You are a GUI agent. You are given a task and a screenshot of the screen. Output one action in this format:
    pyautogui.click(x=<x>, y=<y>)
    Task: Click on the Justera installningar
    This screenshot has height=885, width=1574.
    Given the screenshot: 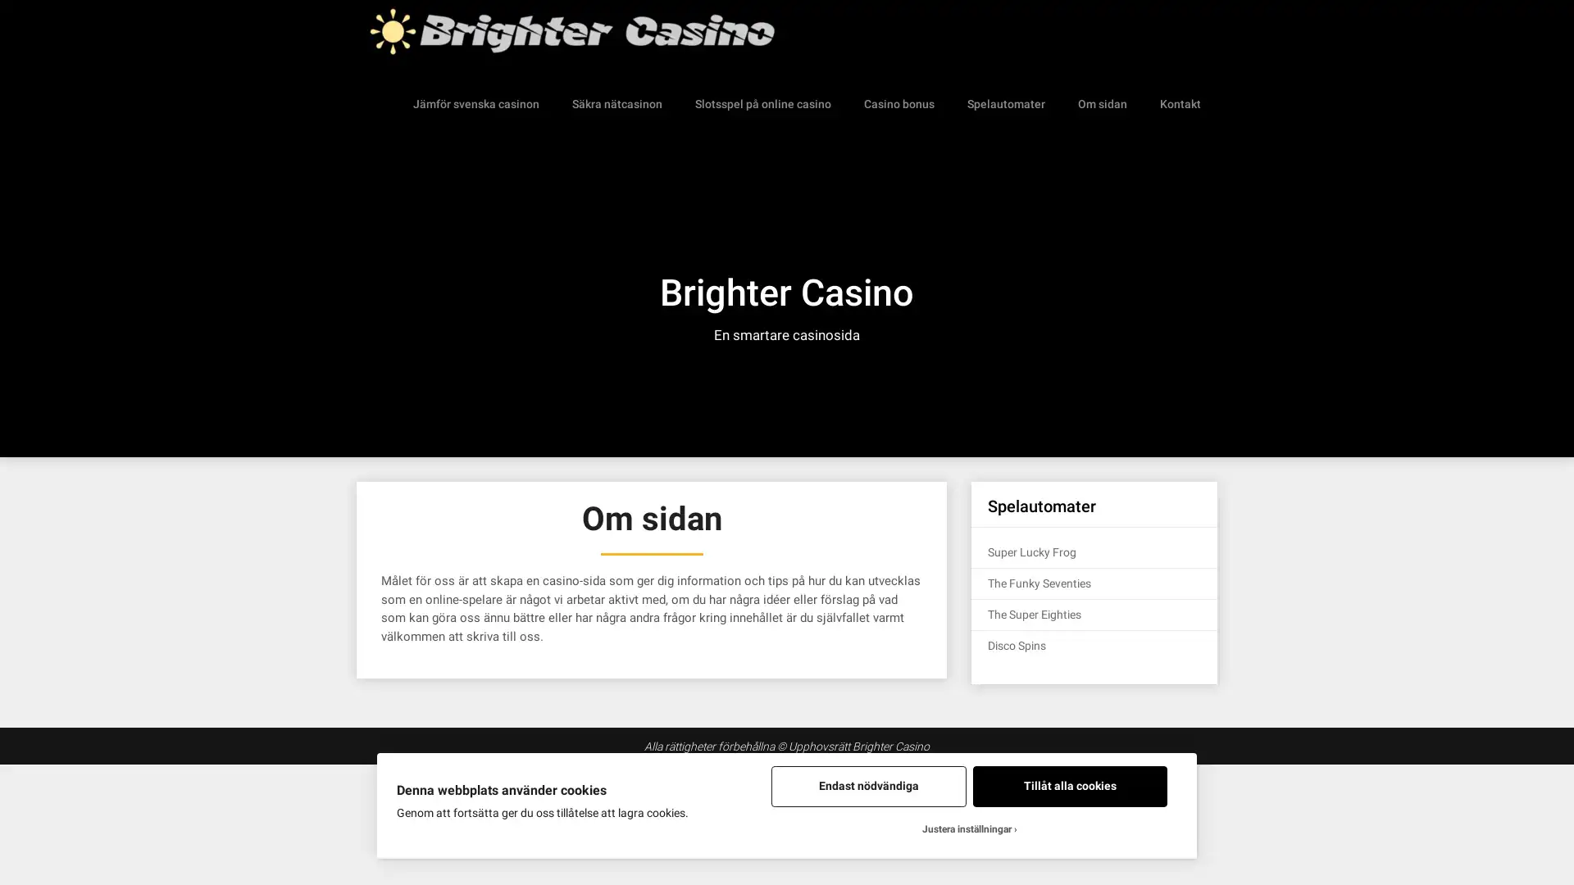 What is the action you would take?
    pyautogui.click(x=969, y=828)
    